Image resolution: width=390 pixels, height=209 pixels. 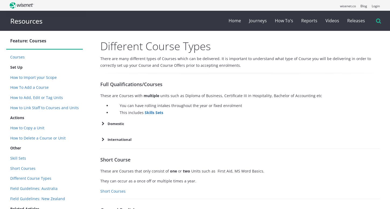 What do you see at coordinates (107, 139) in the screenshot?
I see `'International'` at bounding box center [107, 139].